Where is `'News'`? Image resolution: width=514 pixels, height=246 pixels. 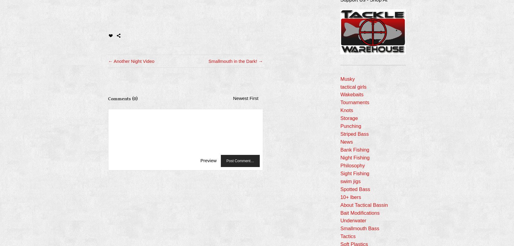 'News' is located at coordinates (340, 142).